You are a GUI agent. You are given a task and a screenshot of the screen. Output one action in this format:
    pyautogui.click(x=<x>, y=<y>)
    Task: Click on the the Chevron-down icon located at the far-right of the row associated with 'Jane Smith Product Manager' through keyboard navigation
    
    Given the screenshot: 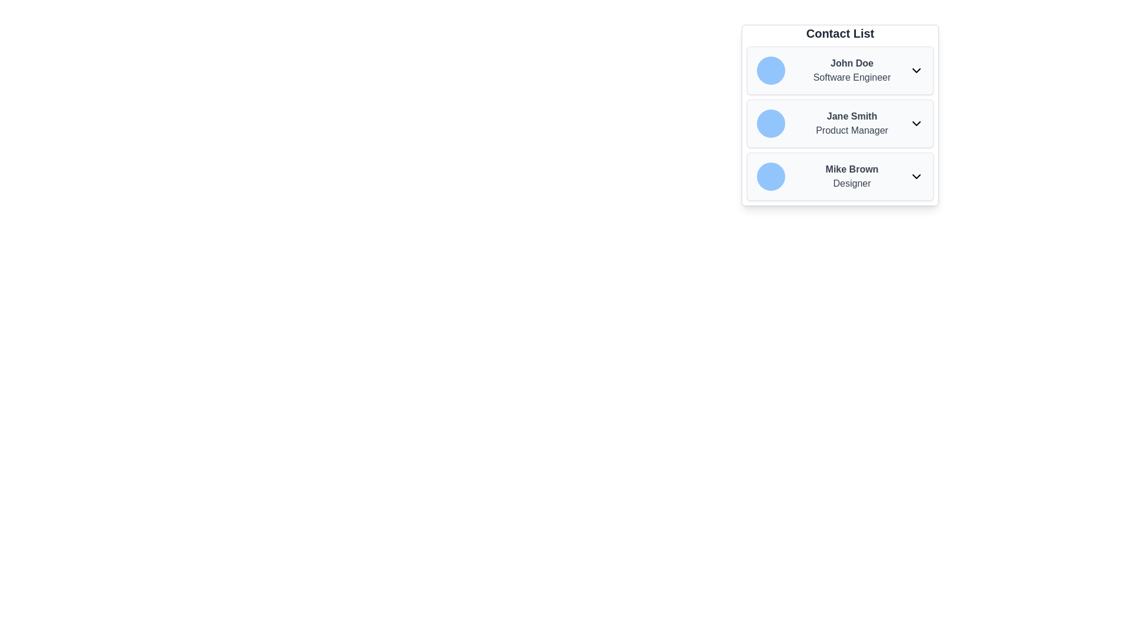 What is the action you would take?
    pyautogui.click(x=915, y=123)
    